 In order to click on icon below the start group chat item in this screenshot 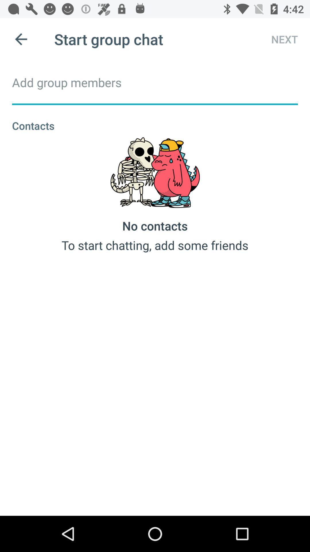, I will do `click(155, 82)`.